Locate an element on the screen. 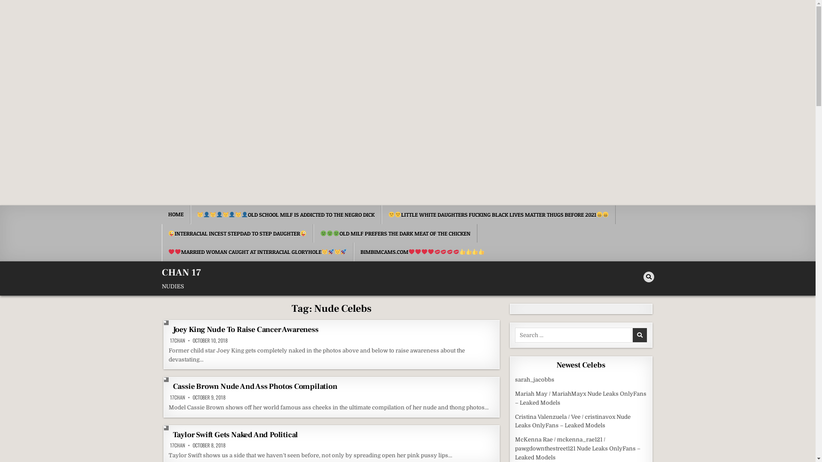 The image size is (822, 462). 'HOME' is located at coordinates (176, 214).